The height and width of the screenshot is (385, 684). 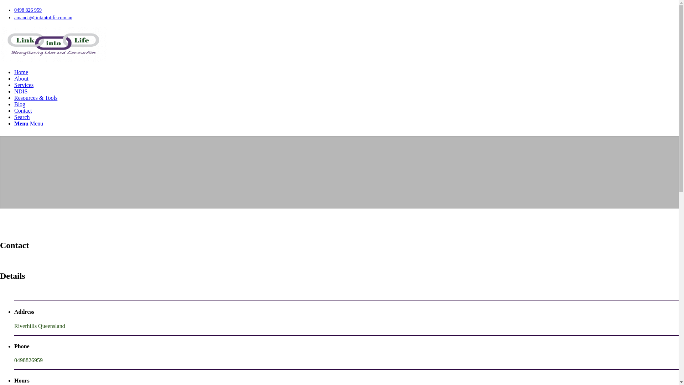 I want to click on 'Contact', so click(x=23, y=111).